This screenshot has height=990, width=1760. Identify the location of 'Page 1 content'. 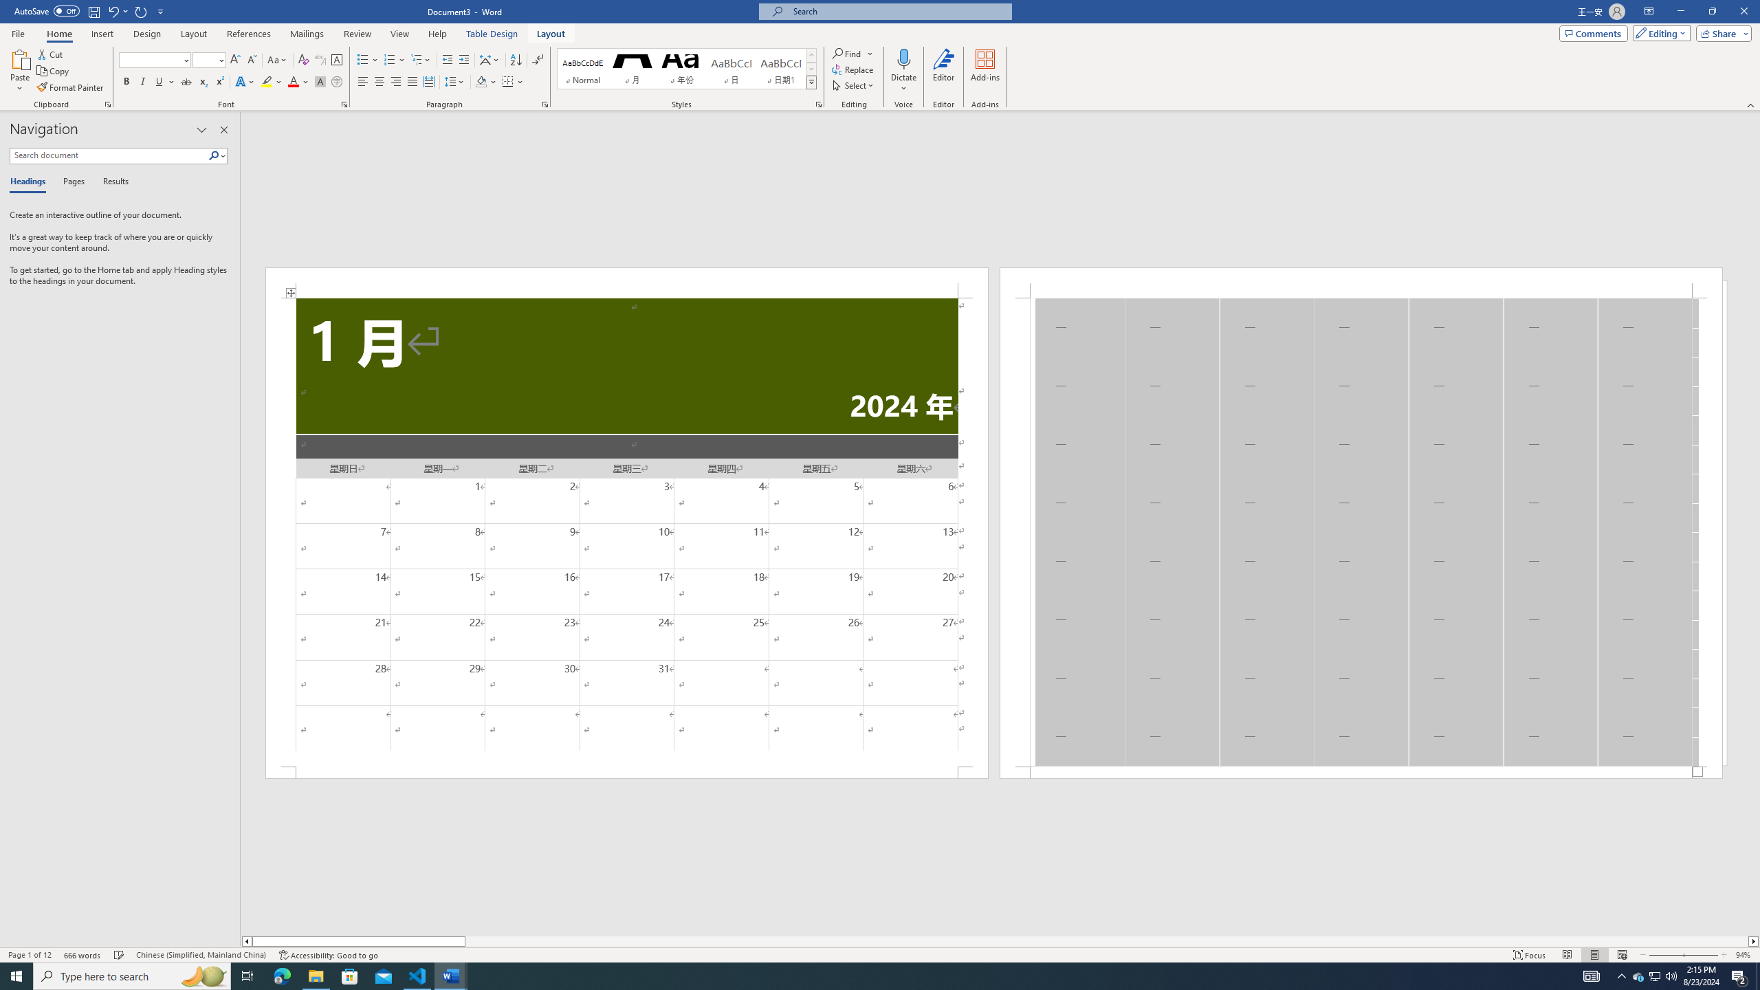
(627, 531).